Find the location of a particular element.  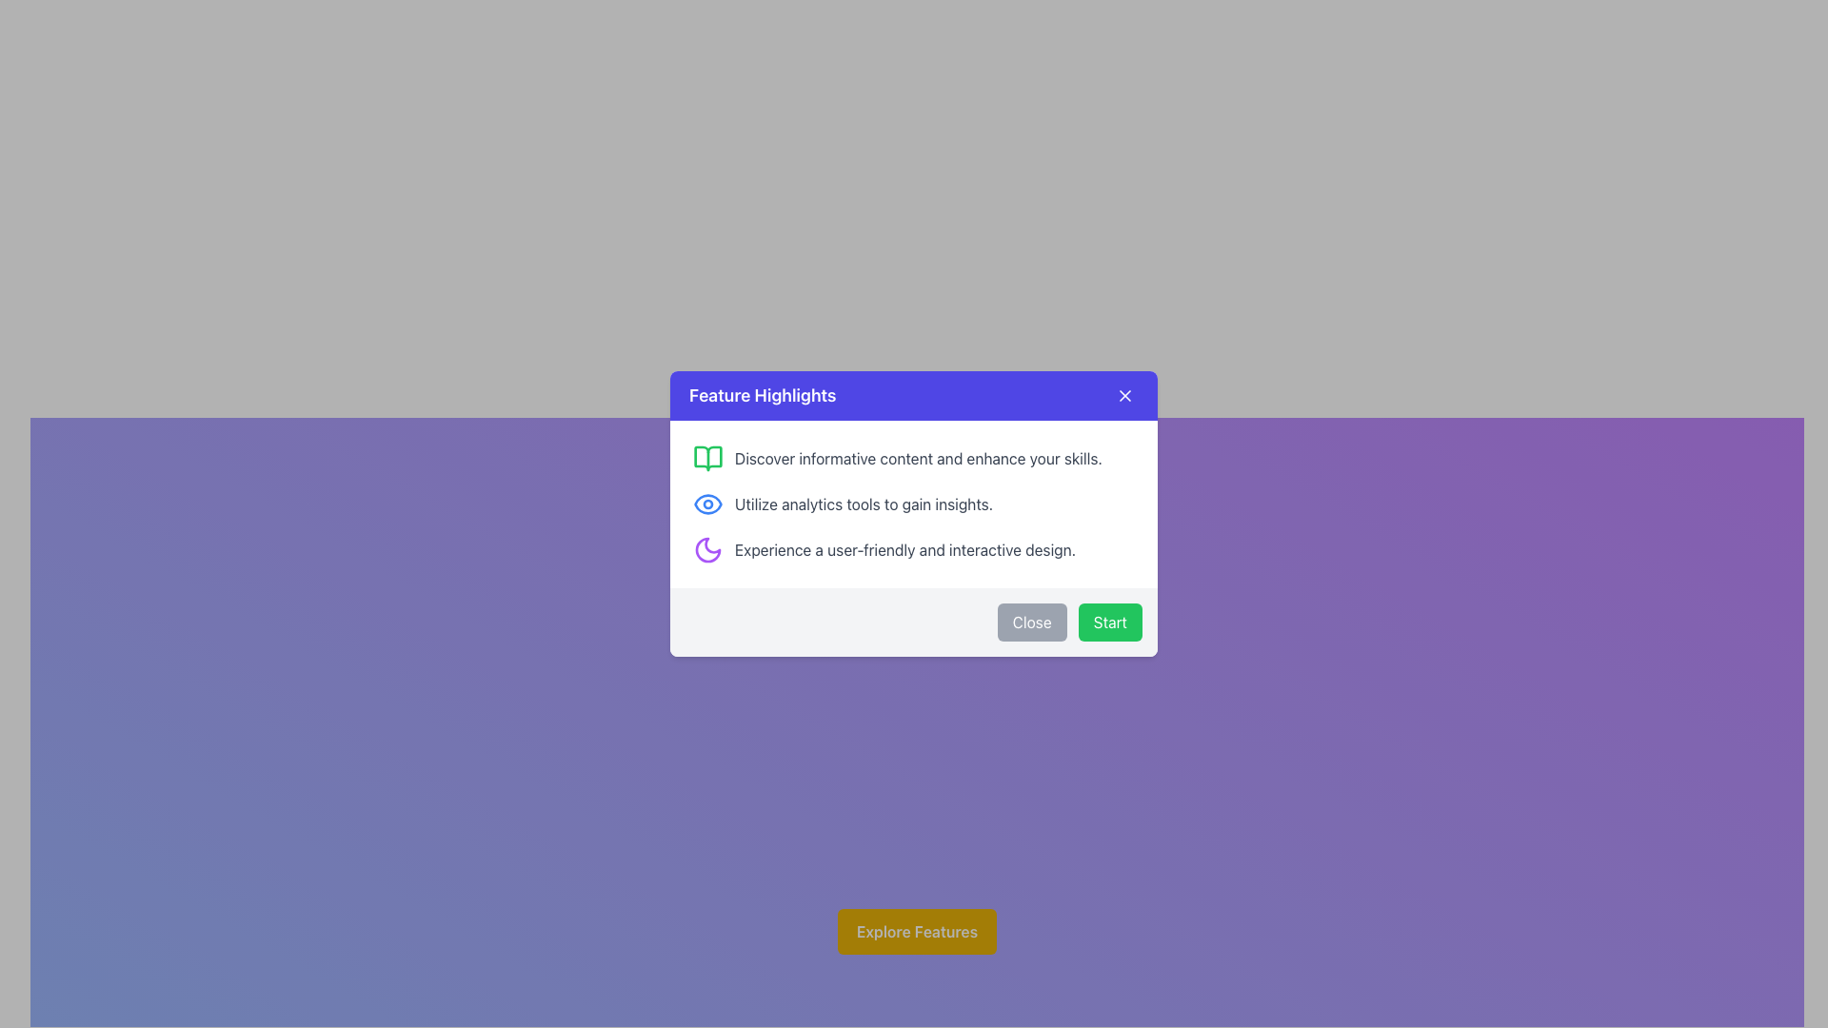

the text label reading 'Utilize analytics tools to gain insights.' which is styled with a gray font and located in the center of a modal dialog box under the blue header 'Feature Highlights.' is located at coordinates (863, 503).